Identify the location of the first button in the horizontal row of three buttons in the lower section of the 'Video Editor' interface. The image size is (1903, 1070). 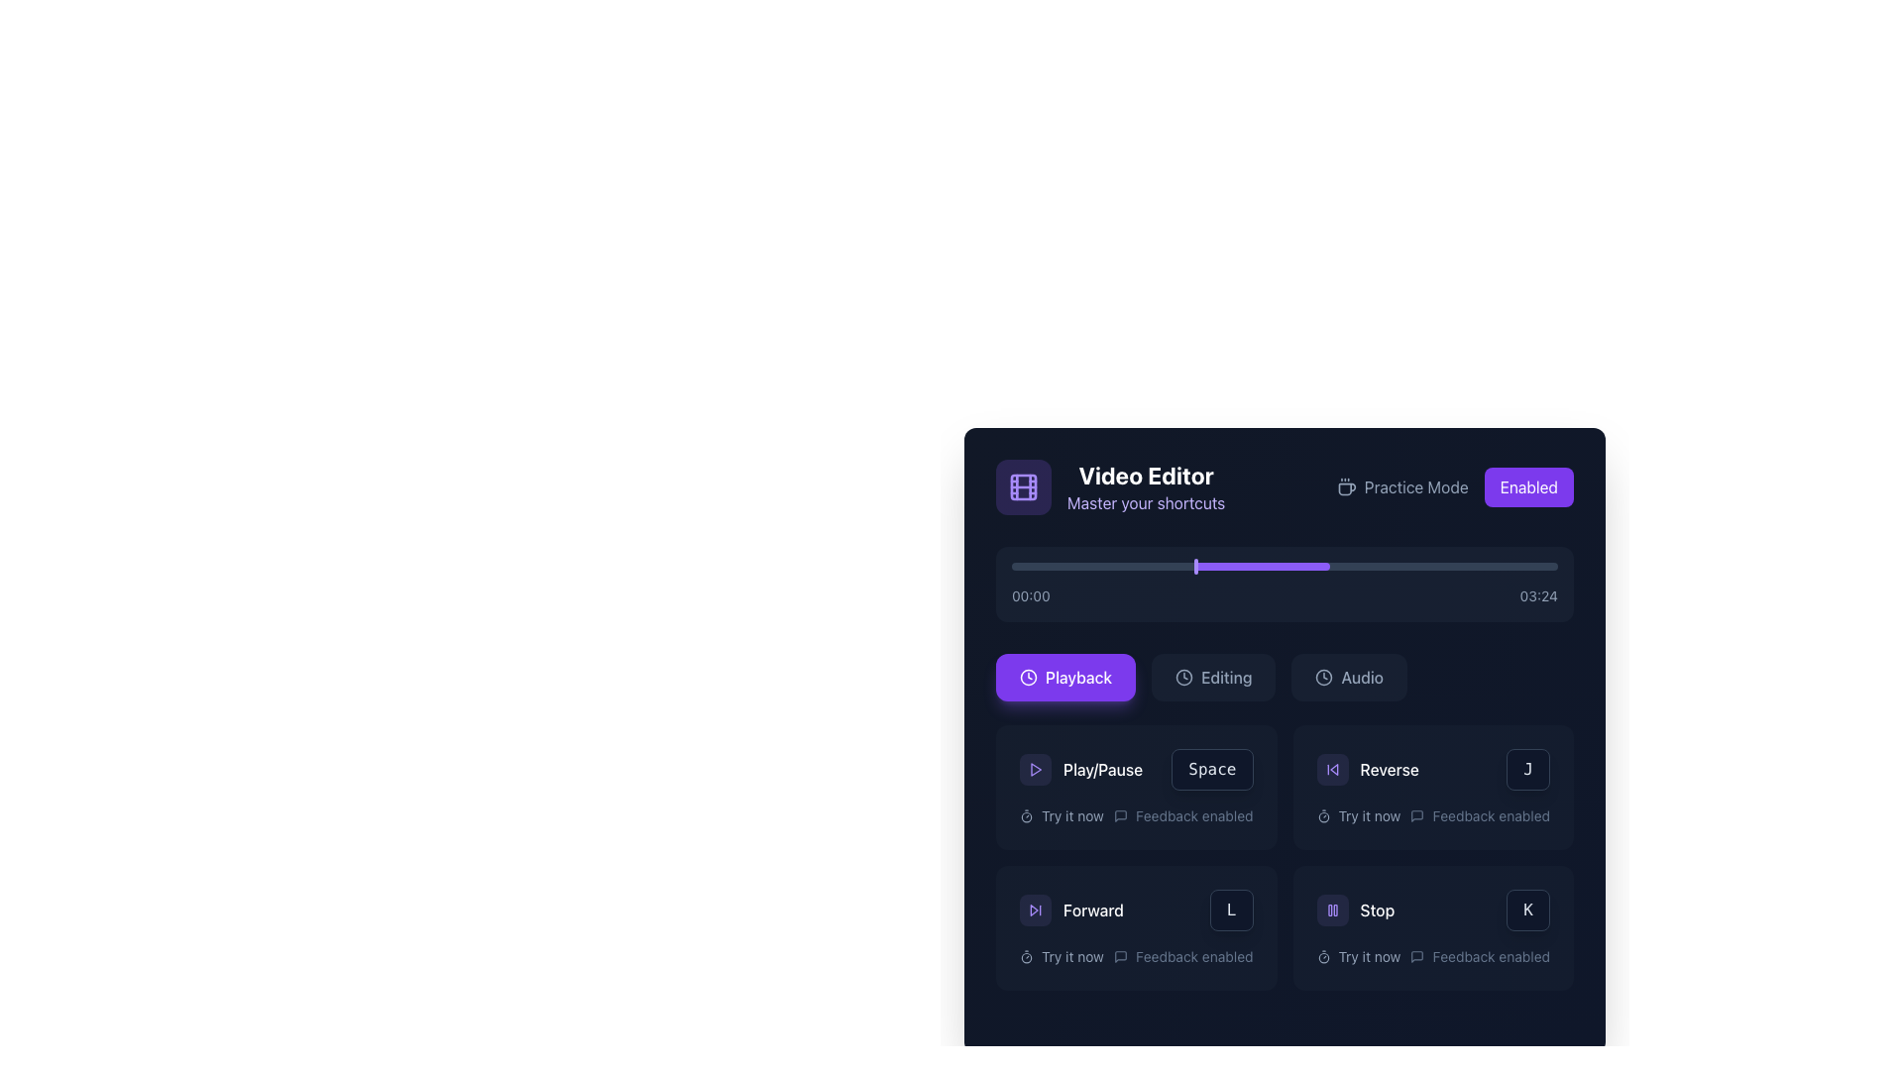
(1064, 676).